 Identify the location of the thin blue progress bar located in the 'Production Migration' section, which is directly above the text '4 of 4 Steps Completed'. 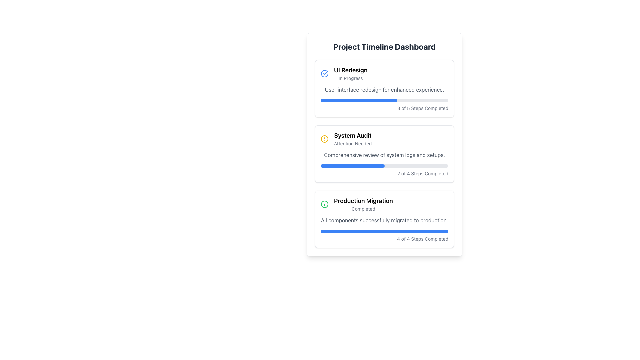
(384, 231).